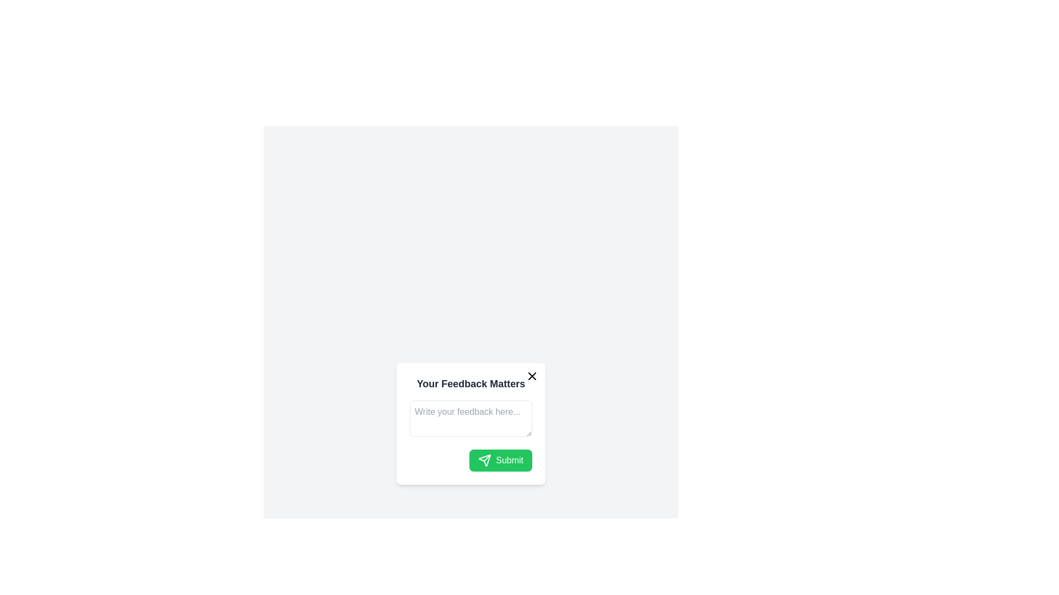 This screenshot has height=595, width=1059. Describe the element at coordinates (532, 375) in the screenshot. I see `the close button located at the top-right corner of the feedback dialog` at that location.